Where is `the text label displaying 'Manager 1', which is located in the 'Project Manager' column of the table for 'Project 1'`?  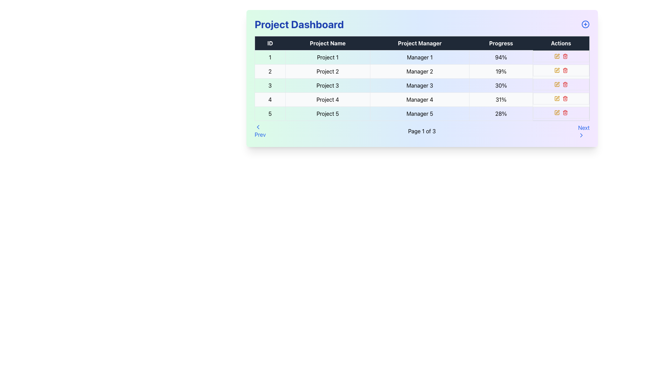
the text label displaying 'Manager 1', which is located in the 'Project Manager' column of the table for 'Project 1' is located at coordinates (419, 57).